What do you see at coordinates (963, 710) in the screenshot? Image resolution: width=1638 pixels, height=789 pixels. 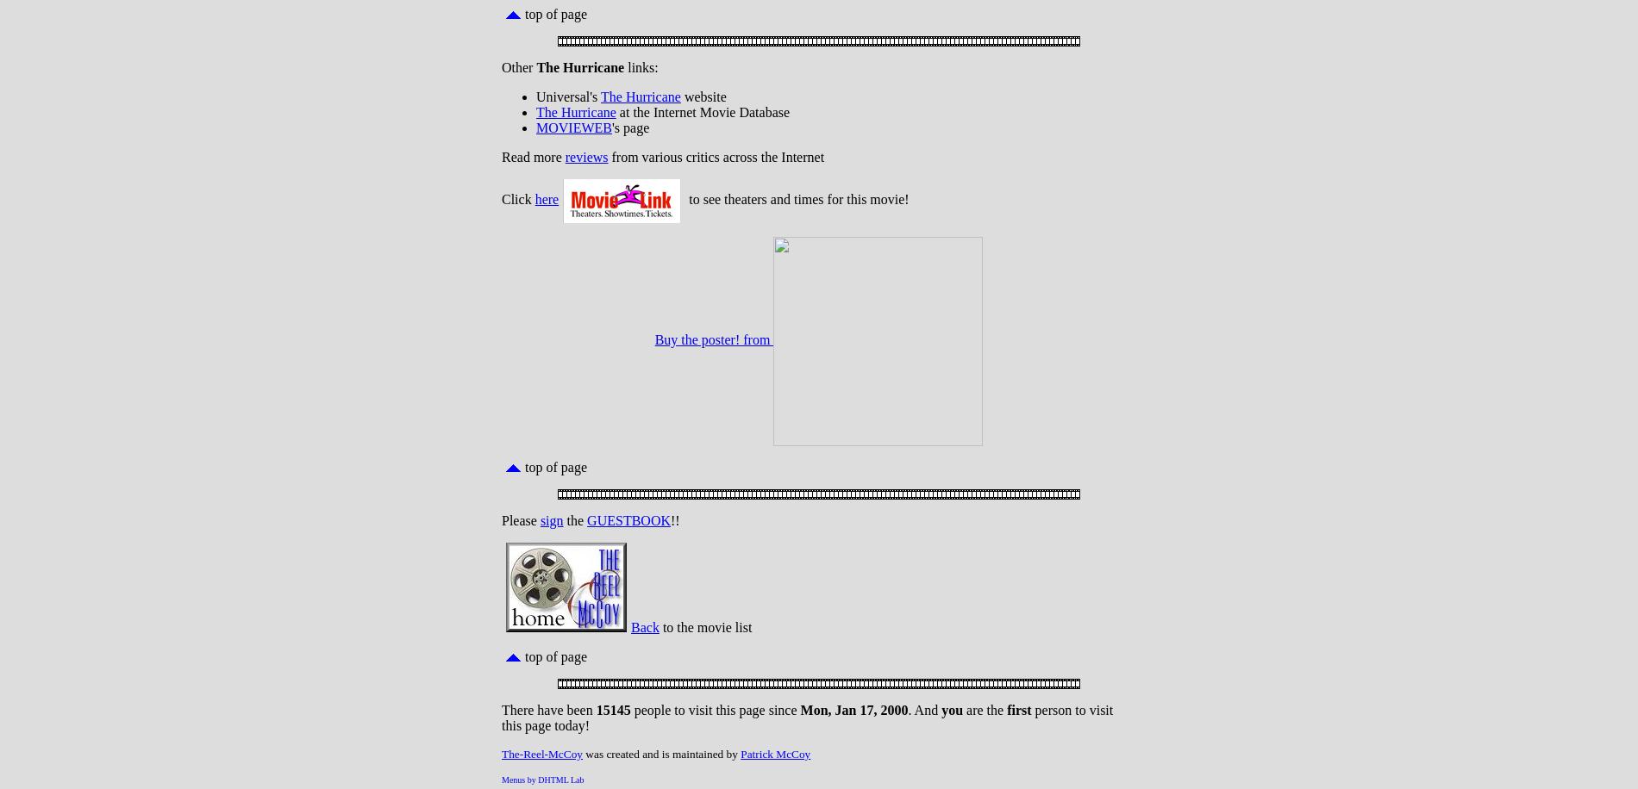 I see `'are the'` at bounding box center [963, 710].